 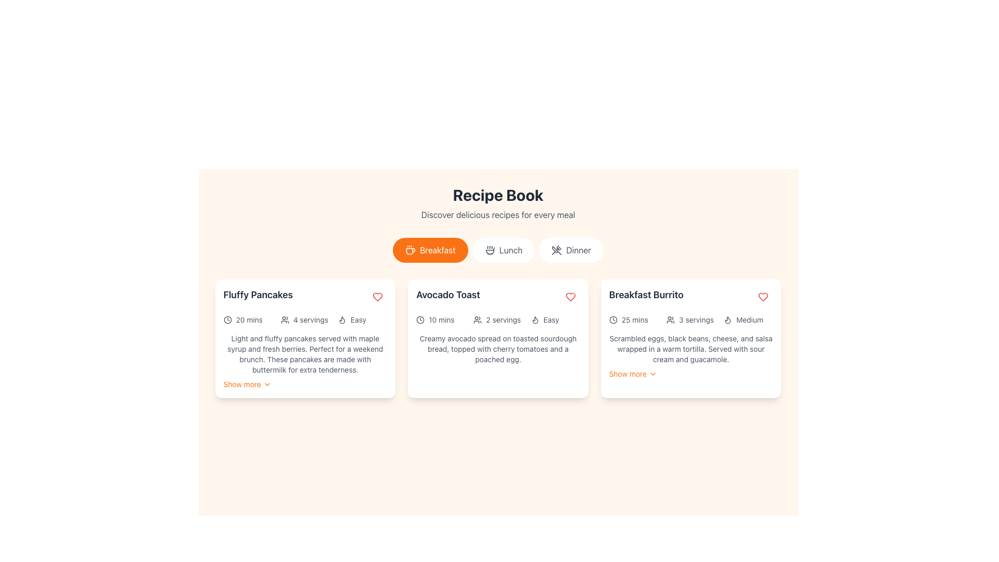 What do you see at coordinates (613, 319) in the screenshot?
I see `the SVG Circle element that is styled with a thin stroke and is located at the center of the clock symbol in the Recipe Book interface` at bounding box center [613, 319].